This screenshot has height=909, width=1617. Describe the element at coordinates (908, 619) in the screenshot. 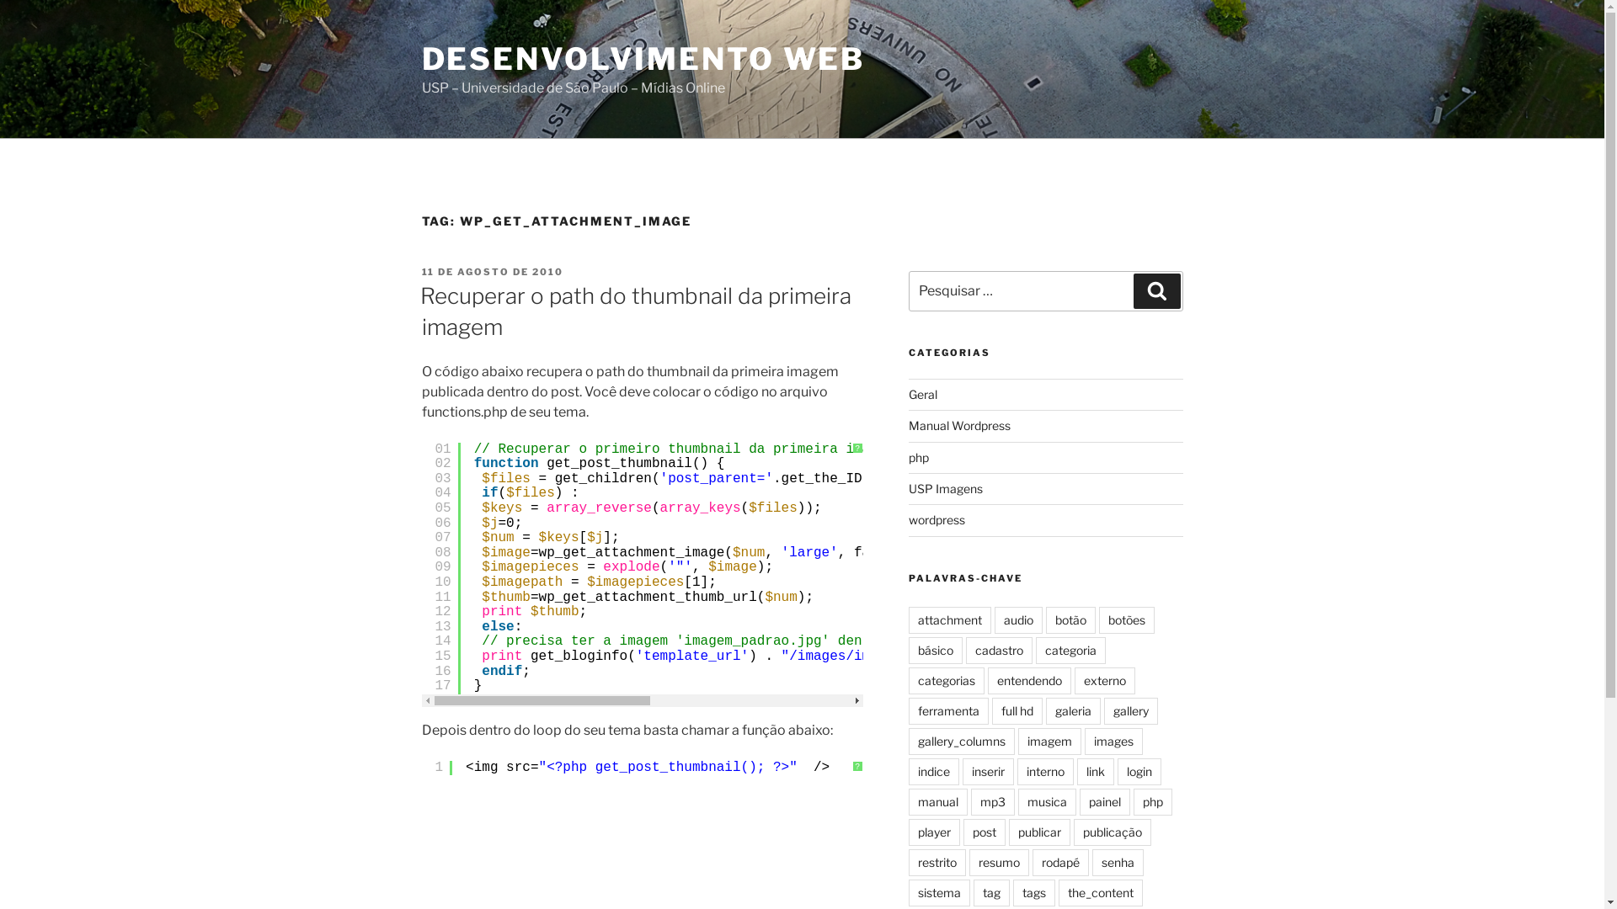

I see `'attachment'` at that location.